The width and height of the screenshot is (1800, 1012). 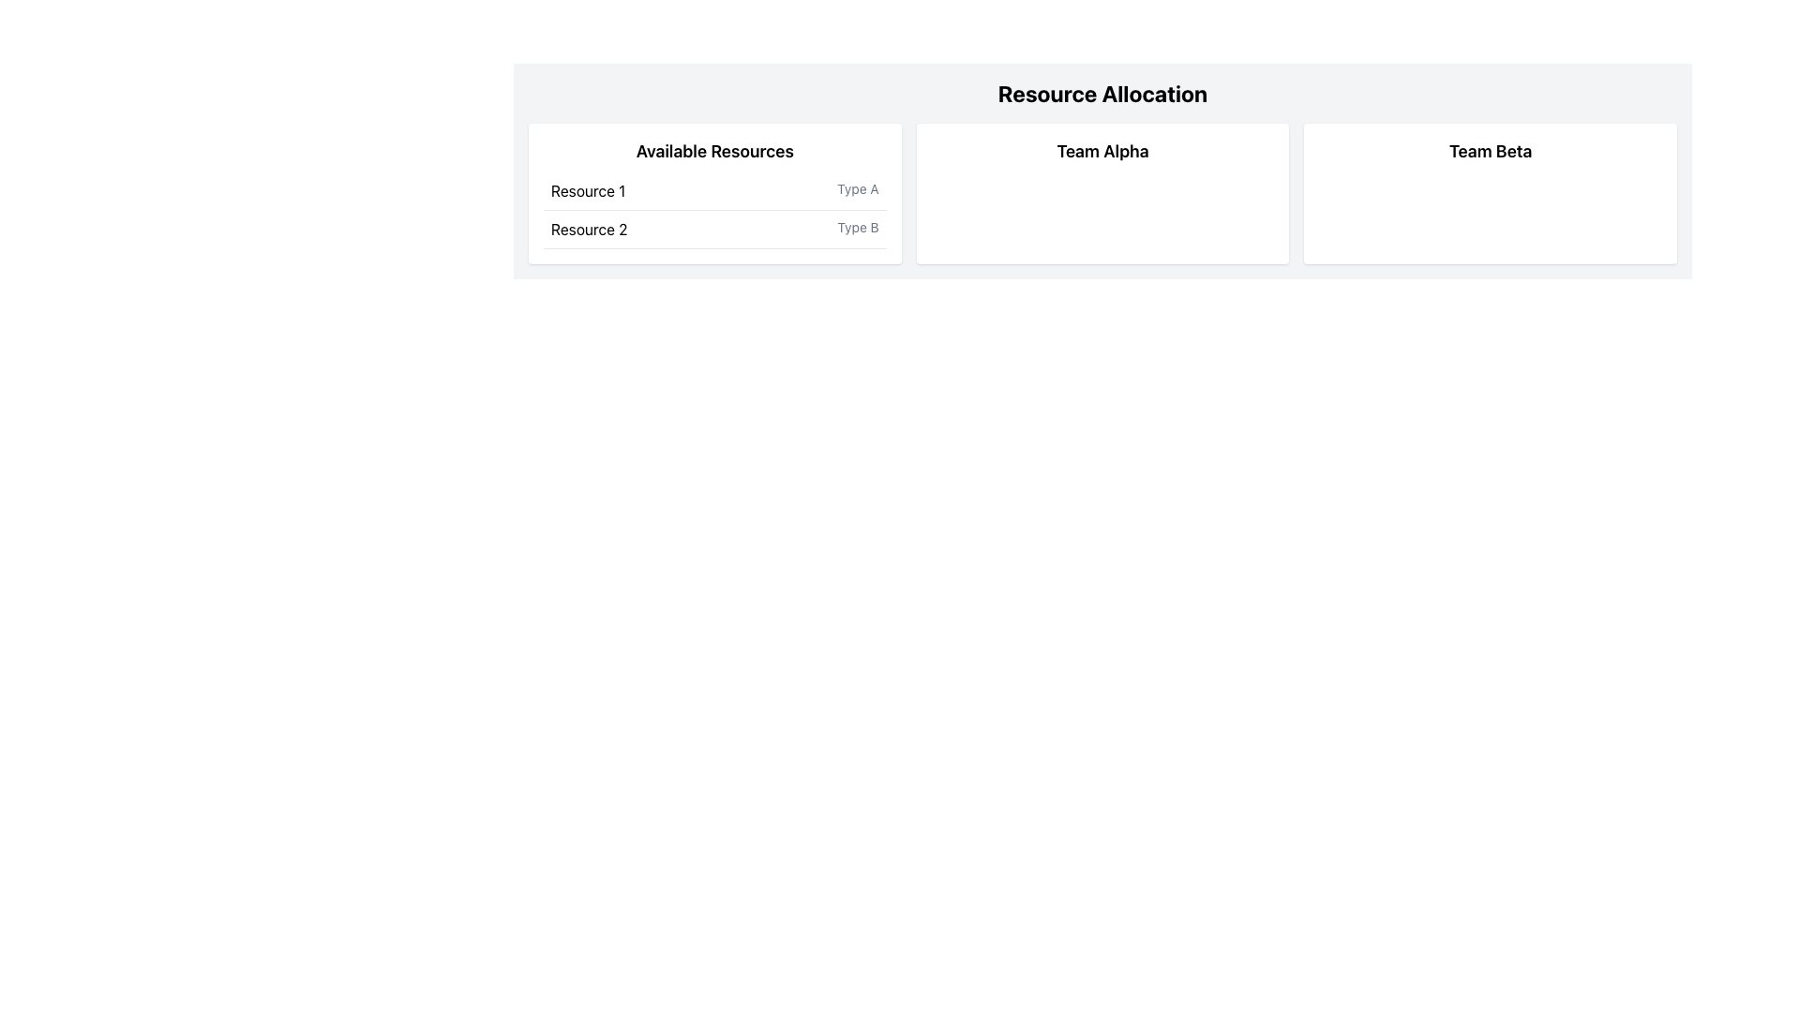 I want to click on the text element displaying 'Team Alpha' at the top of the white card, which has rounded corners and is centrally positioned between 'Available Resources' and 'Team Beta', so click(x=1102, y=151).